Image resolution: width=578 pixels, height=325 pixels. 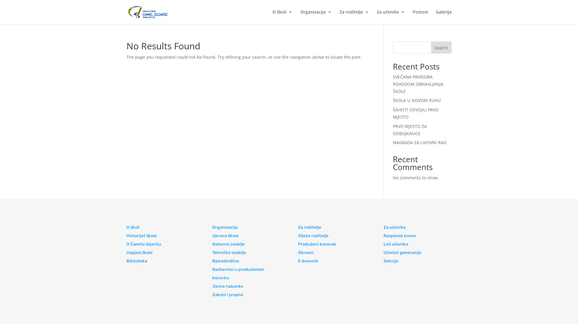 I want to click on 'Postovi', so click(x=420, y=17).